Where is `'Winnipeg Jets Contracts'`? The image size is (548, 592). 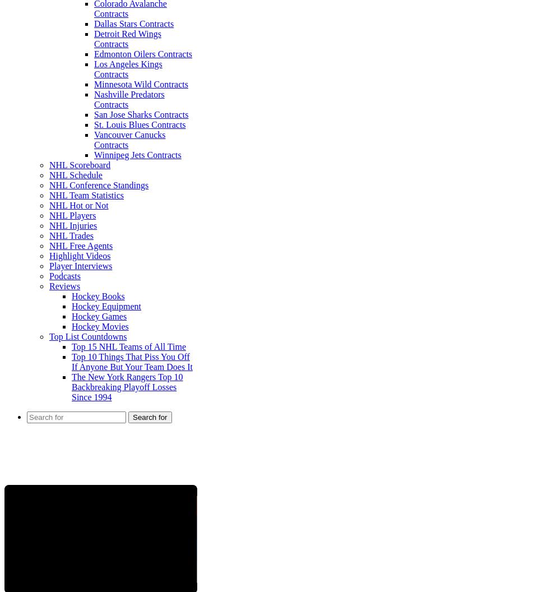 'Winnipeg Jets Contracts' is located at coordinates (137, 155).